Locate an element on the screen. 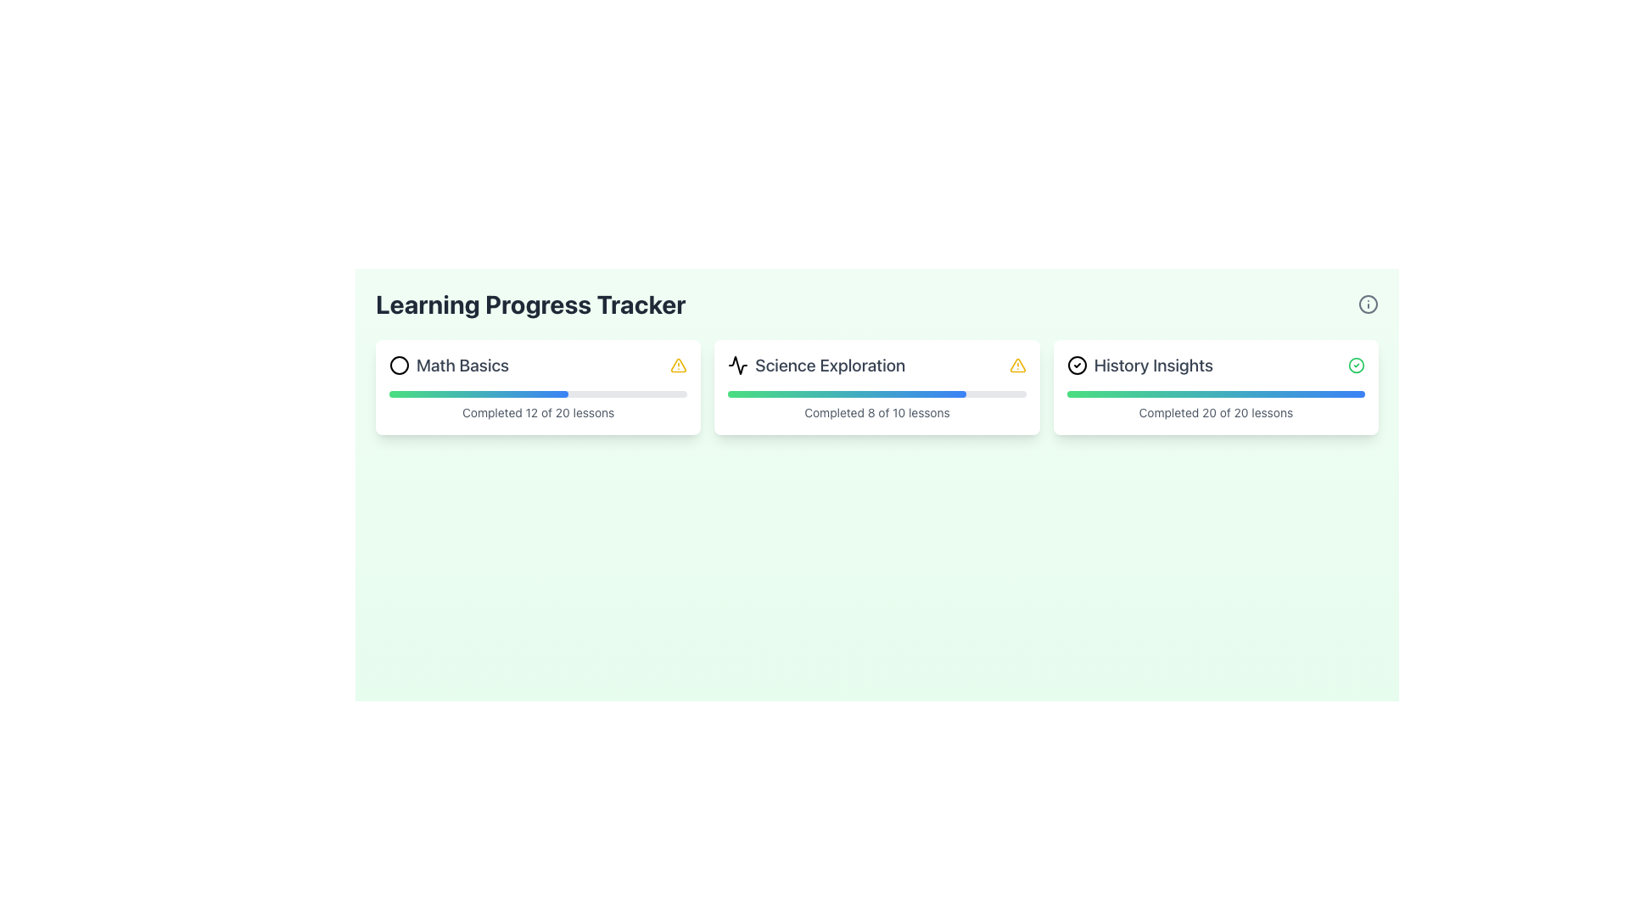 This screenshot has width=1629, height=916. the waveform icon located to the left of the 'Science Exploration' title in the card header is located at coordinates (738, 365).